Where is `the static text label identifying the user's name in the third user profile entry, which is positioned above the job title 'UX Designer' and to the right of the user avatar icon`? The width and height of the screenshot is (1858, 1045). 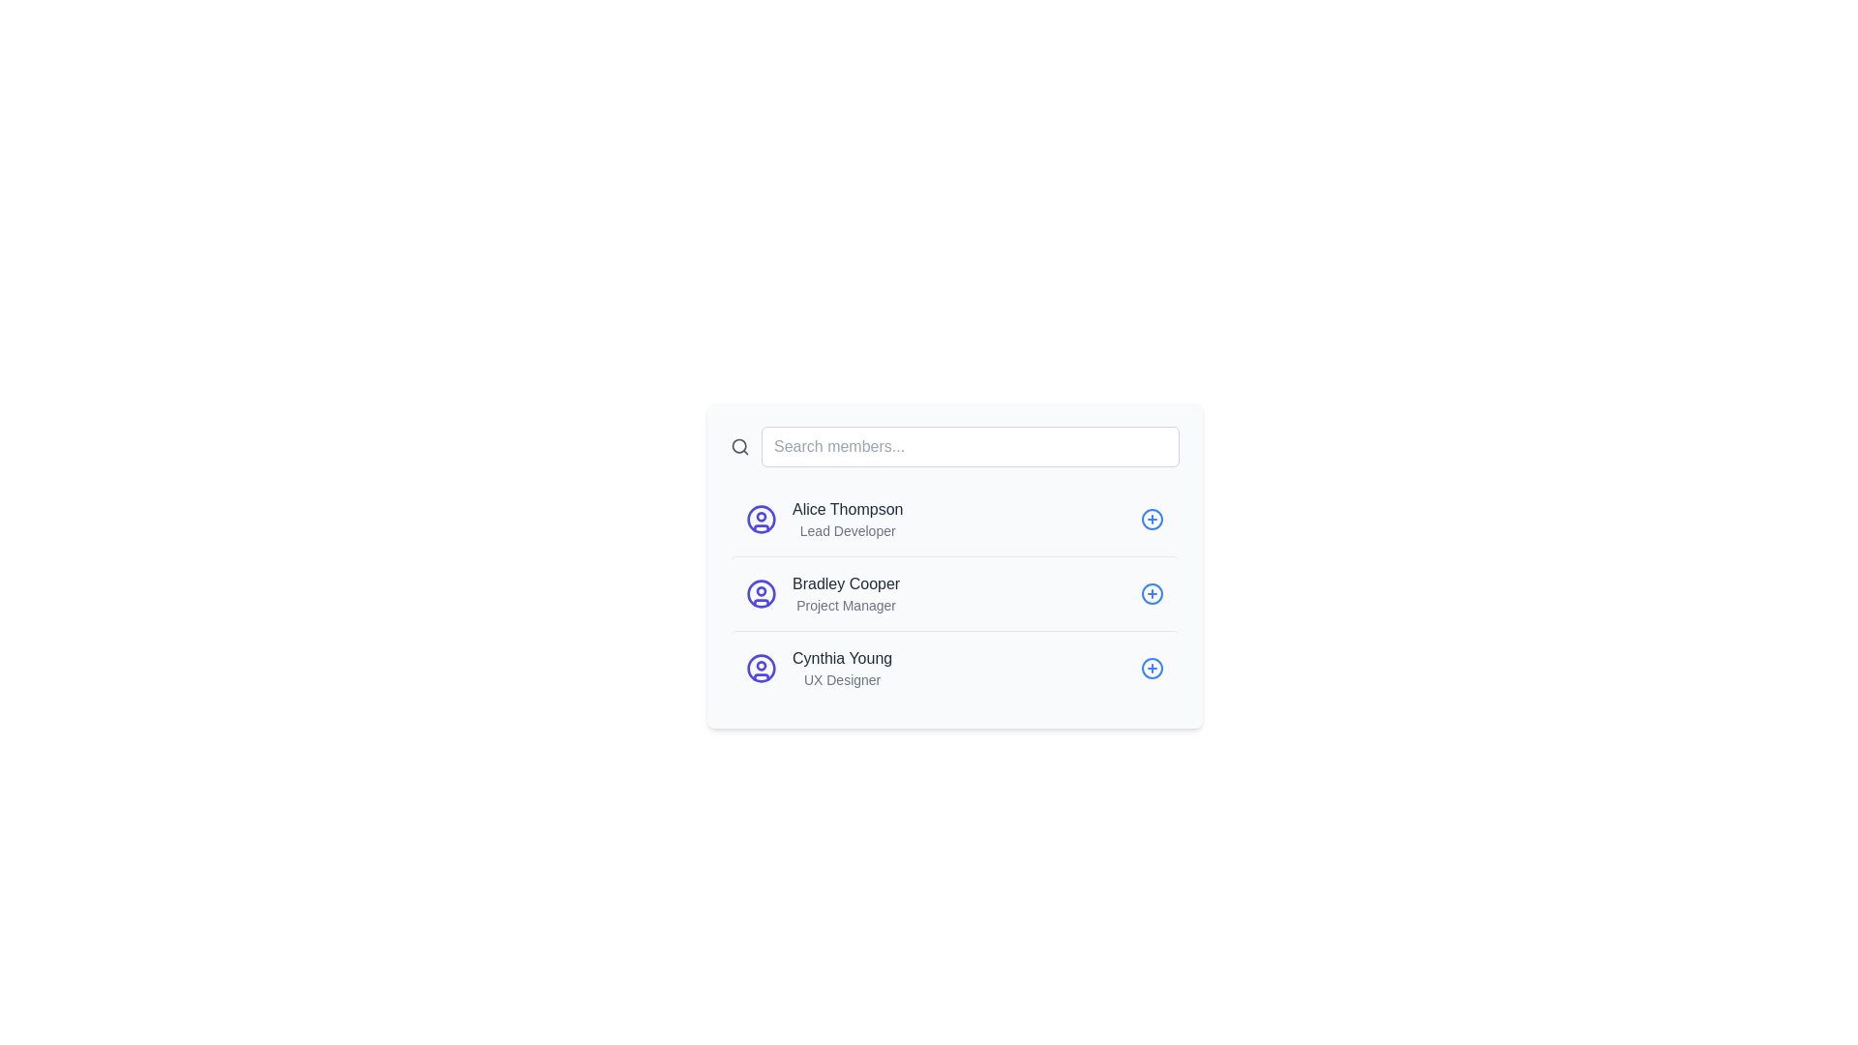 the static text label identifying the user's name in the third user profile entry, which is positioned above the job title 'UX Designer' and to the right of the user avatar icon is located at coordinates (842, 658).